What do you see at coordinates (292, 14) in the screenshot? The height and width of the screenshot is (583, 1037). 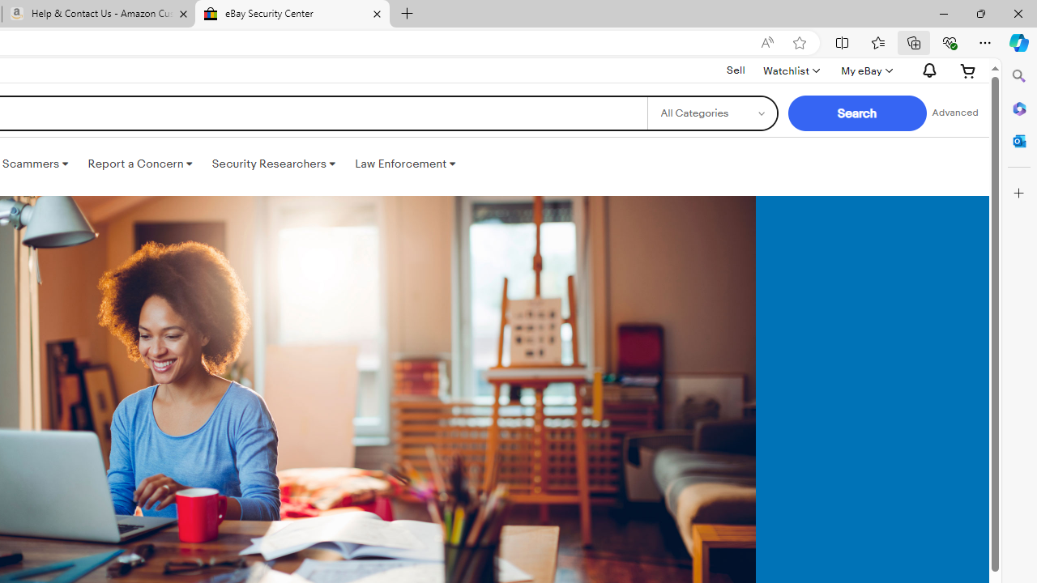 I see `'eBay Security Center'` at bounding box center [292, 14].